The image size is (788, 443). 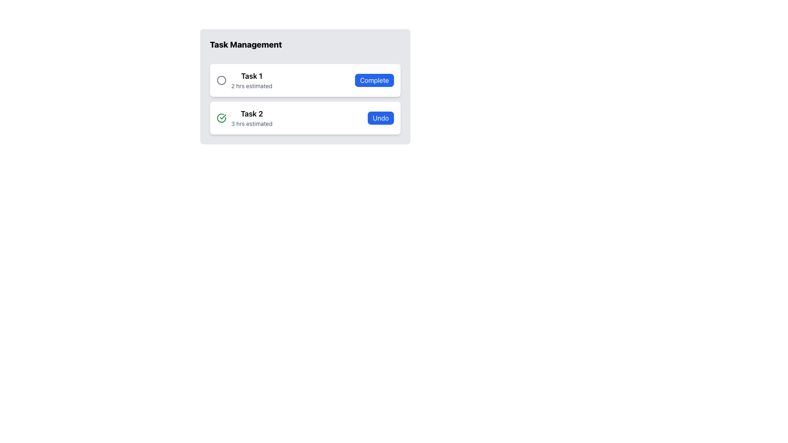 I want to click on the 'Task 2' text label, which is part of the second task card in a task management interface, so click(x=251, y=114).